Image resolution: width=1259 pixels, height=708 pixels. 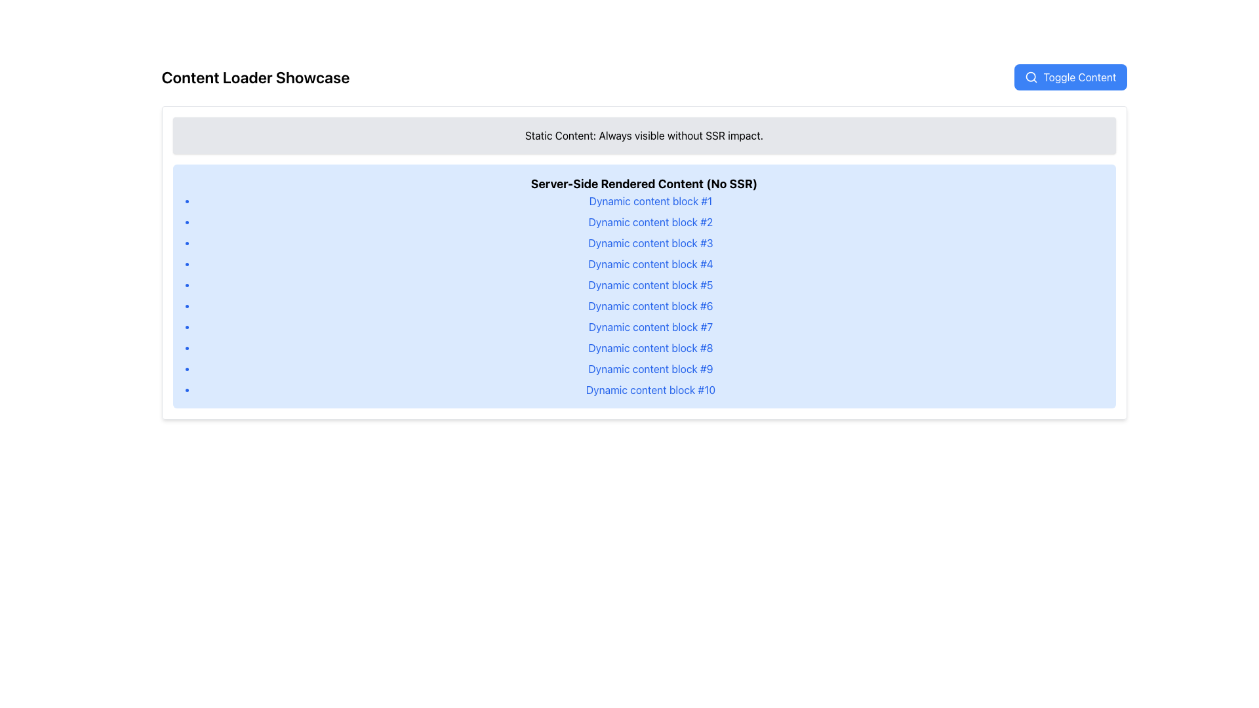 What do you see at coordinates (1079, 77) in the screenshot?
I see `the 'Toggle Content' button located in the top right section of the interface` at bounding box center [1079, 77].